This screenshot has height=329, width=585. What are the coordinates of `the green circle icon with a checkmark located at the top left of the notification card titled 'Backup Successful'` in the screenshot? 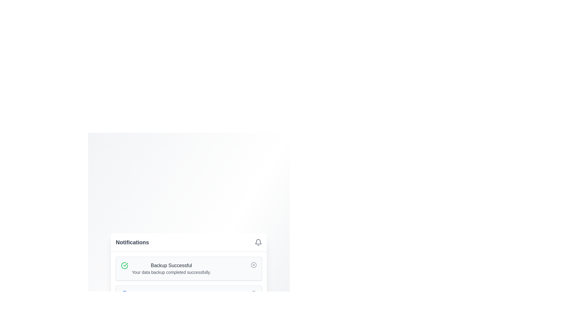 It's located at (124, 265).